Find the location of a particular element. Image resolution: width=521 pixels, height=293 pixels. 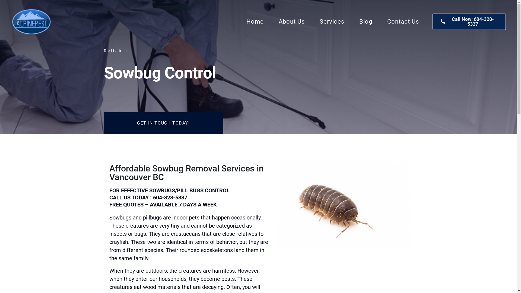

'Home' is located at coordinates (255, 21).